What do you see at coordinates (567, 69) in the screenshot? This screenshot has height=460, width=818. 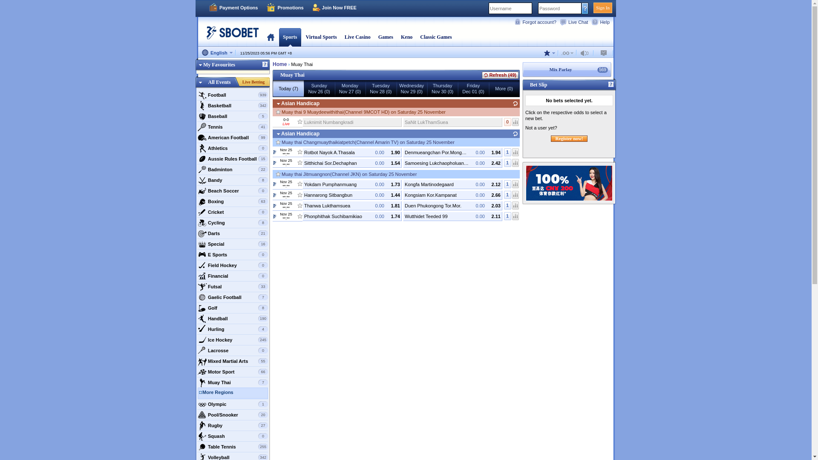 I see `'Mix Parlay` at bounding box center [567, 69].